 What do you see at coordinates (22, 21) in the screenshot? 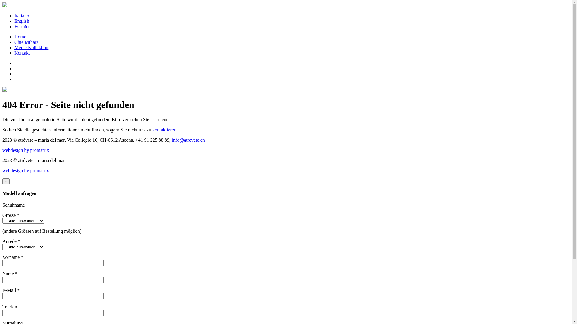
I see `'English'` at bounding box center [22, 21].